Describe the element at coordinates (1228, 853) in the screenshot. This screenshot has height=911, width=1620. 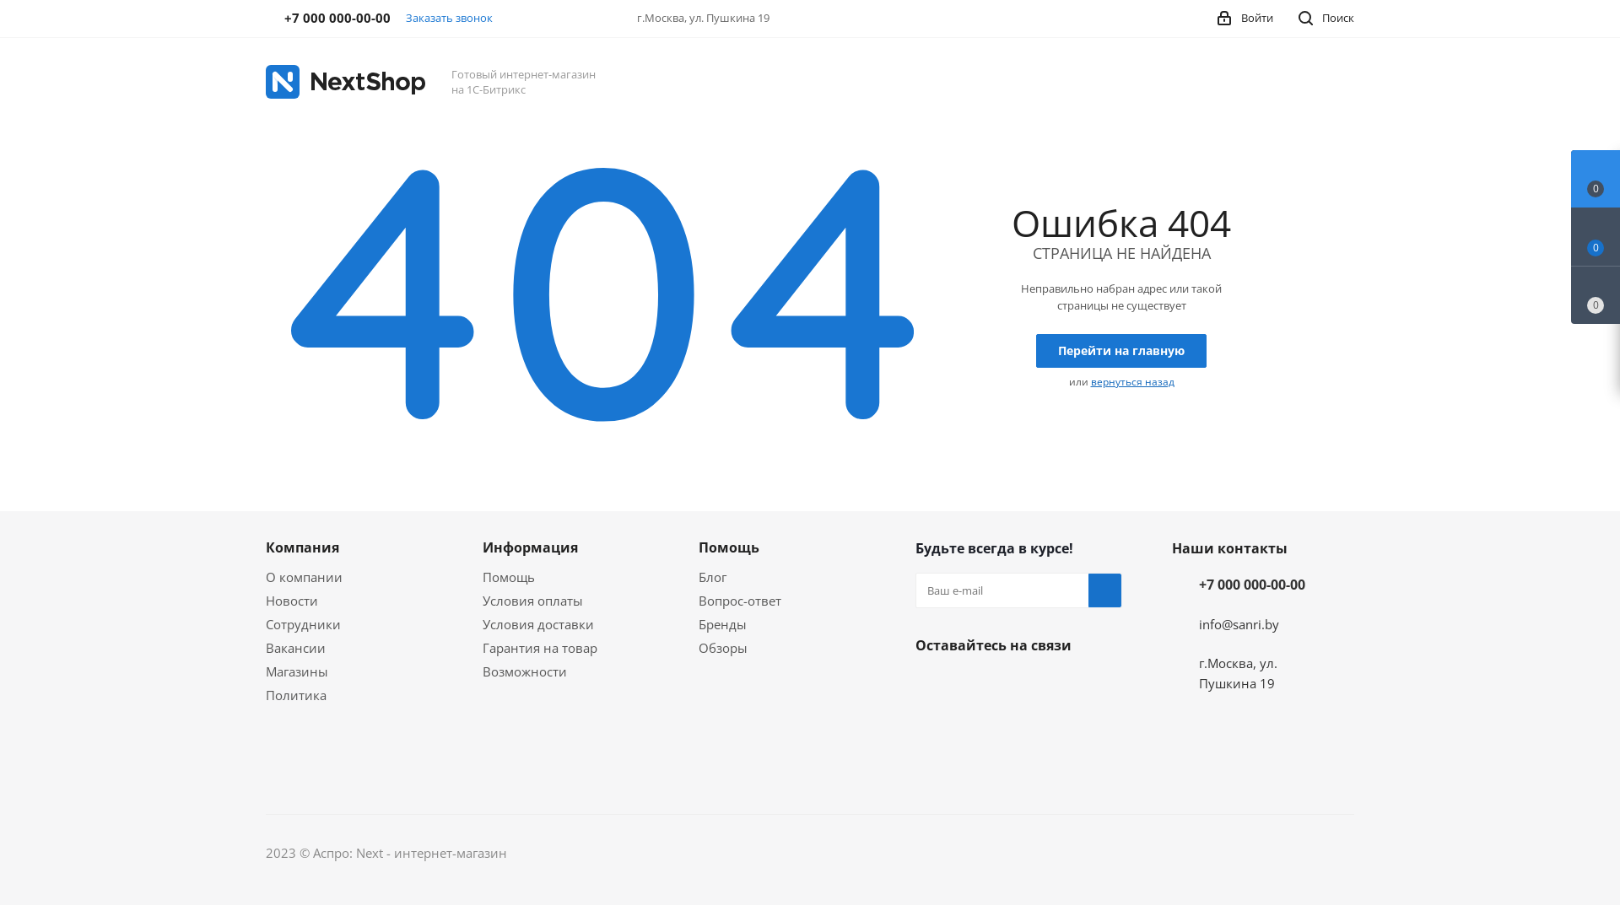
I see `'WebMoney'` at that location.